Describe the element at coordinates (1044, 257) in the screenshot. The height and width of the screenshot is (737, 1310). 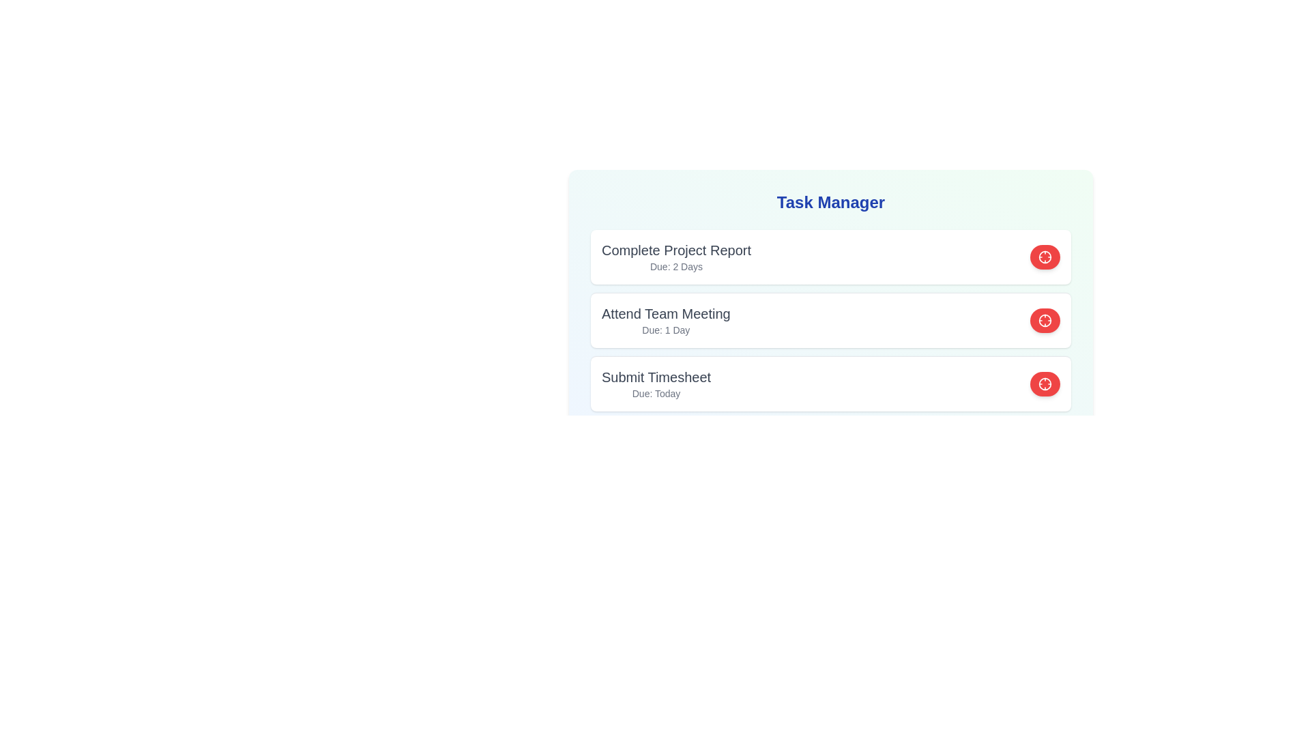
I see `the SVG Graphic Icon located in the rightmost section of the last task entry in the 'Task Manager' list` at that location.